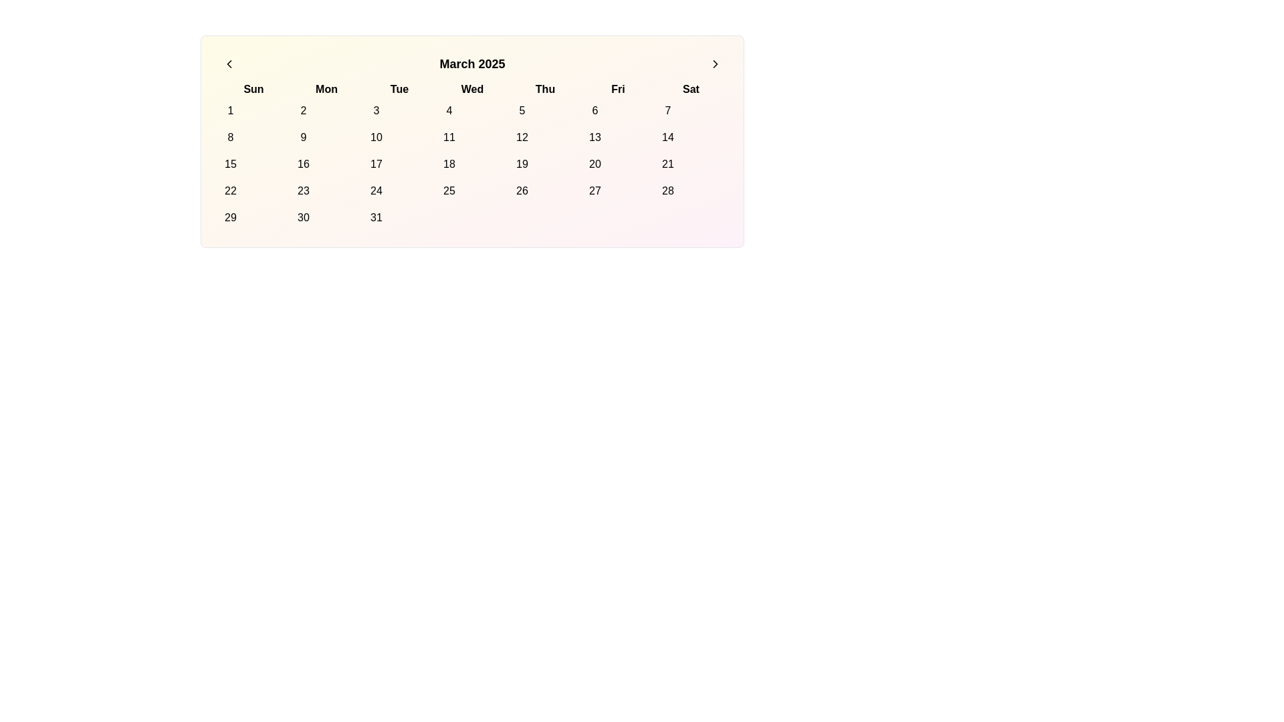 The height and width of the screenshot is (722, 1284). What do you see at coordinates (449, 110) in the screenshot?
I see `the button that allows users to select the date associated with '4' in the Wednesday column of the first week of the calendar` at bounding box center [449, 110].